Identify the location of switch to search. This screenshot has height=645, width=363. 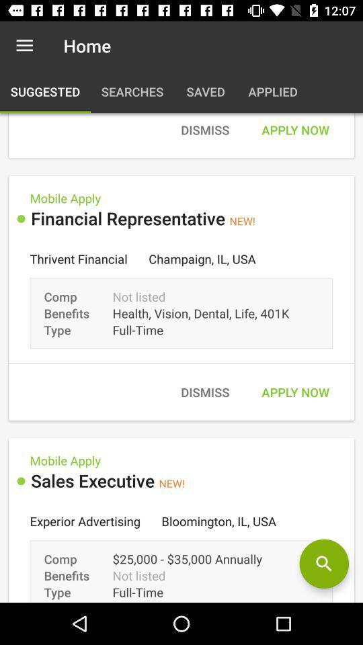
(323, 564).